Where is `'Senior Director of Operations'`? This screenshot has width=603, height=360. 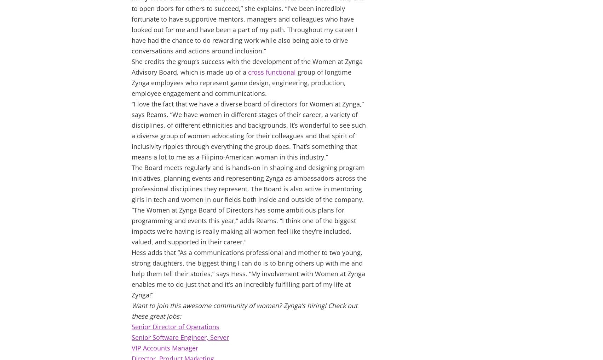 'Senior Director of Operations' is located at coordinates (176, 326).